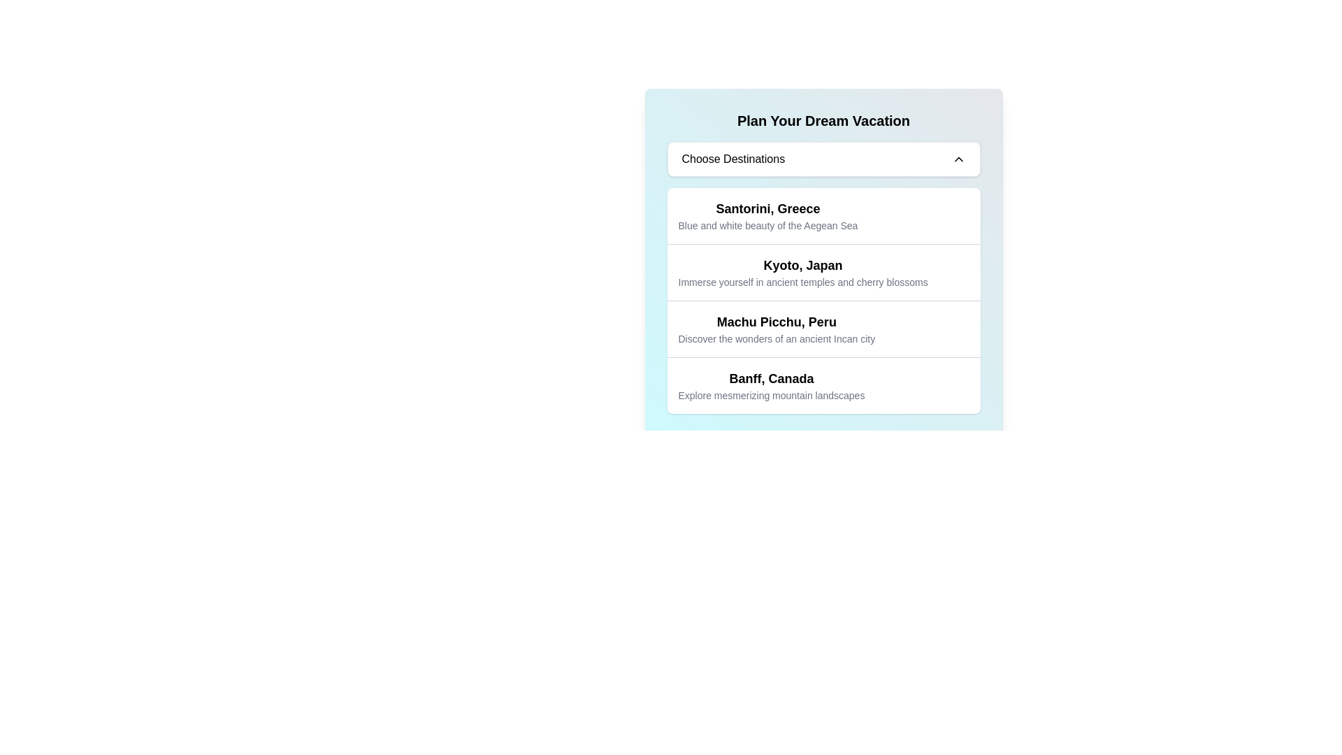 The width and height of the screenshot is (1342, 755). I want to click on the 'Choose Destinations' button, so click(823, 158).